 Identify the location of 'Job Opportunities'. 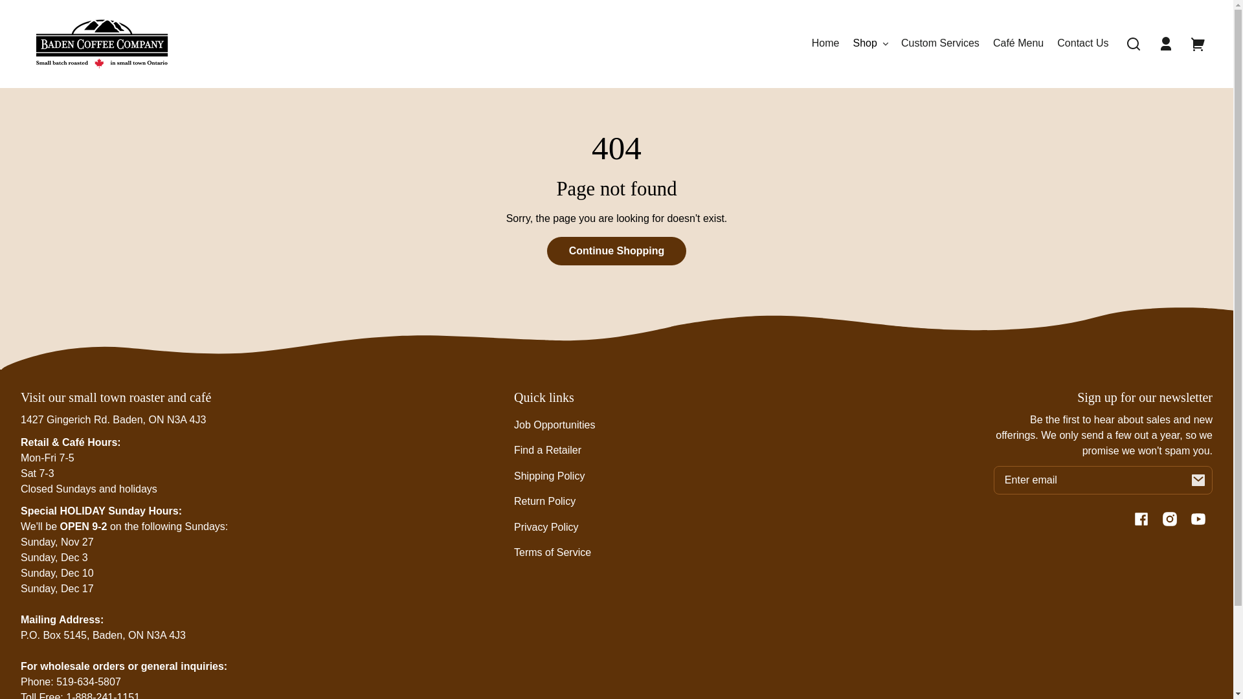
(554, 425).